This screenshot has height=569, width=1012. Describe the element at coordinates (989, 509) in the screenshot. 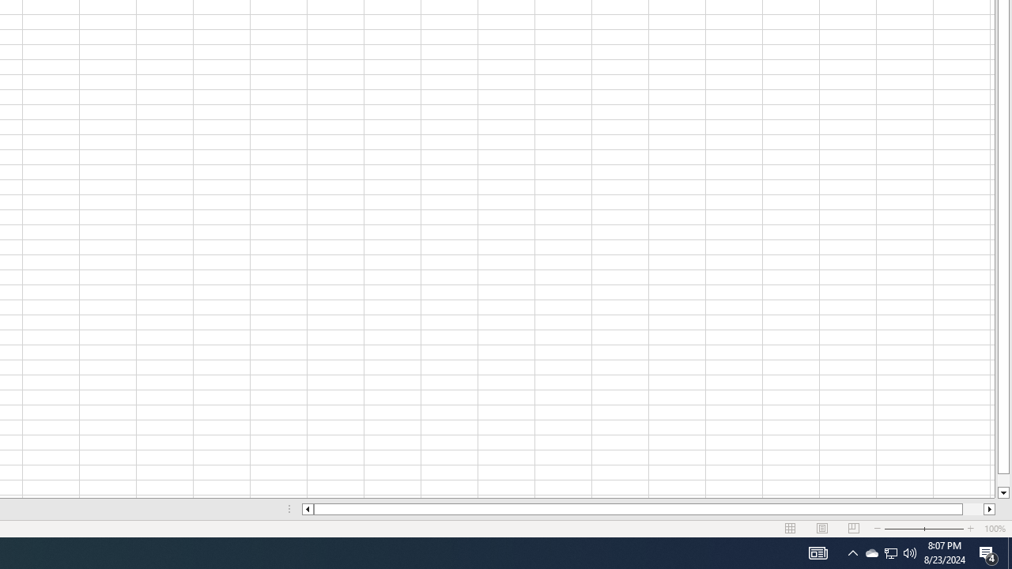

I see `'Column right'` at that location.